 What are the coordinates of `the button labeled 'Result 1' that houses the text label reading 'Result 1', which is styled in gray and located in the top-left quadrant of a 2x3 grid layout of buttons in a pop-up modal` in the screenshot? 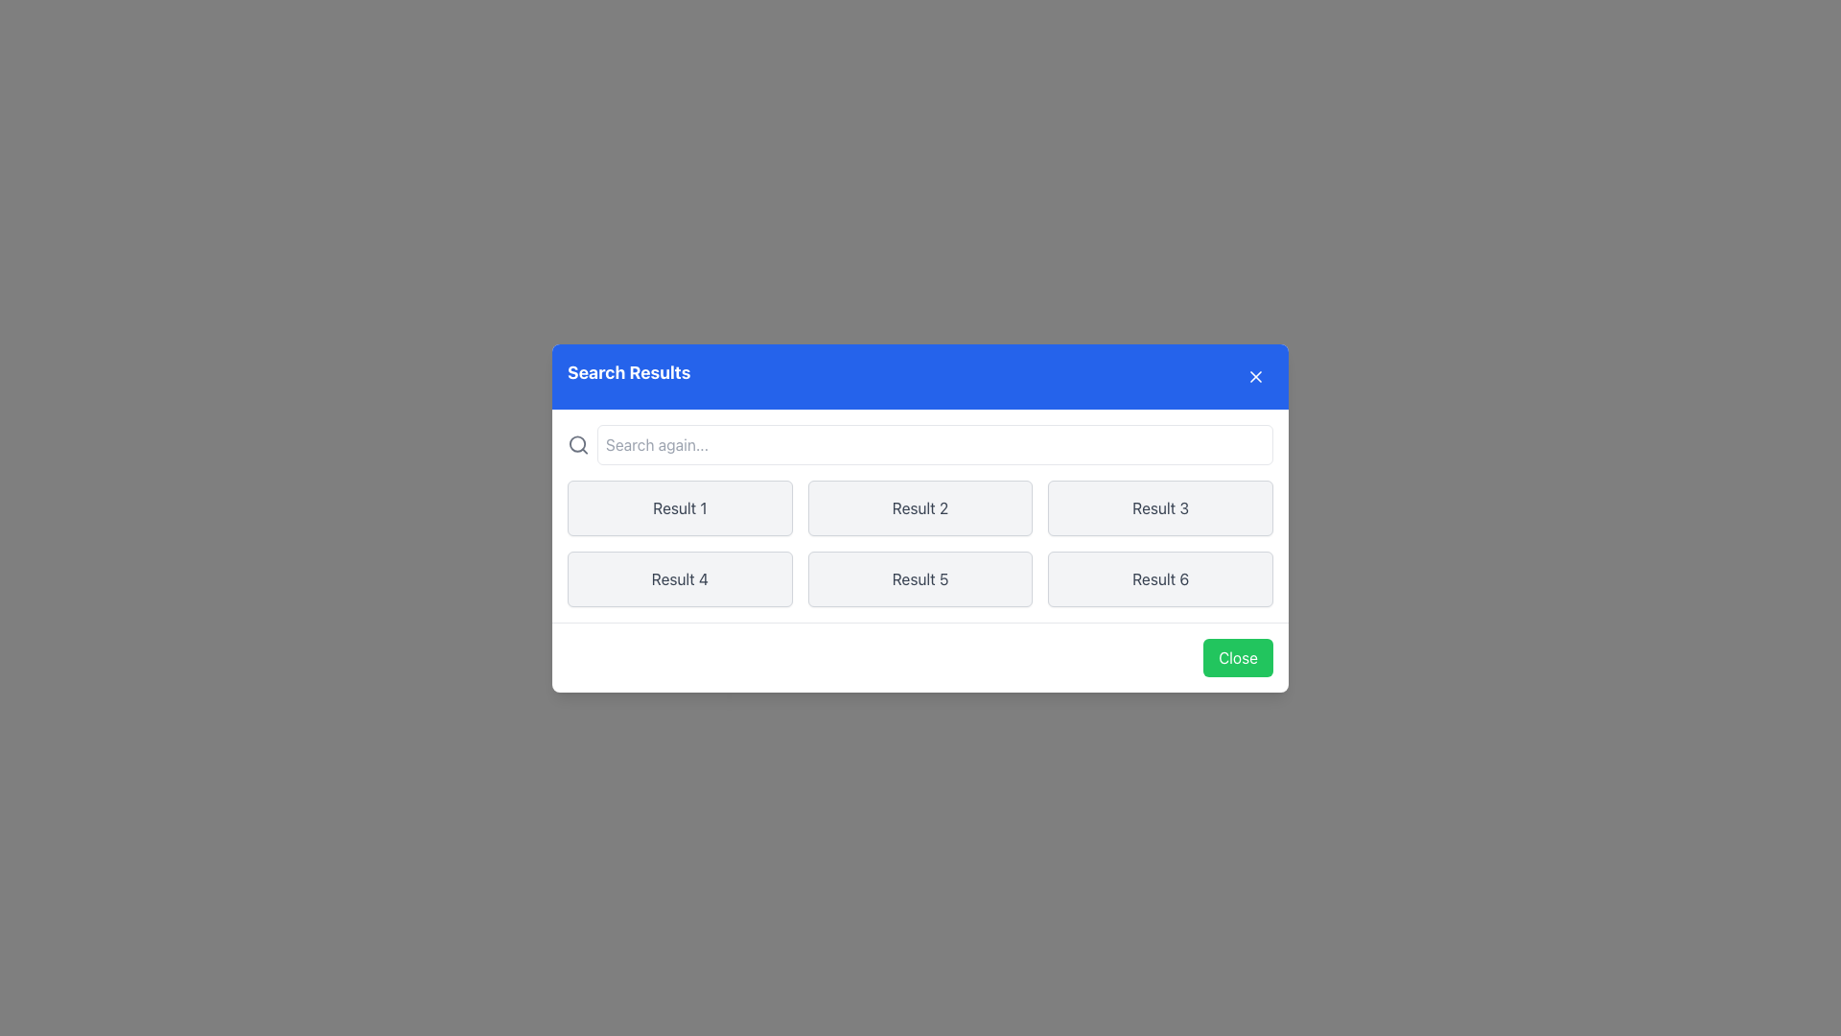 It's located at (680, 506).